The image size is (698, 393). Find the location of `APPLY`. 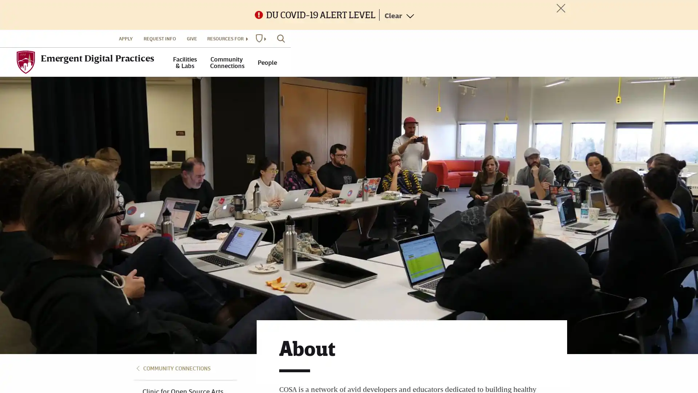

APPLY is located at coordinates (401, 38).